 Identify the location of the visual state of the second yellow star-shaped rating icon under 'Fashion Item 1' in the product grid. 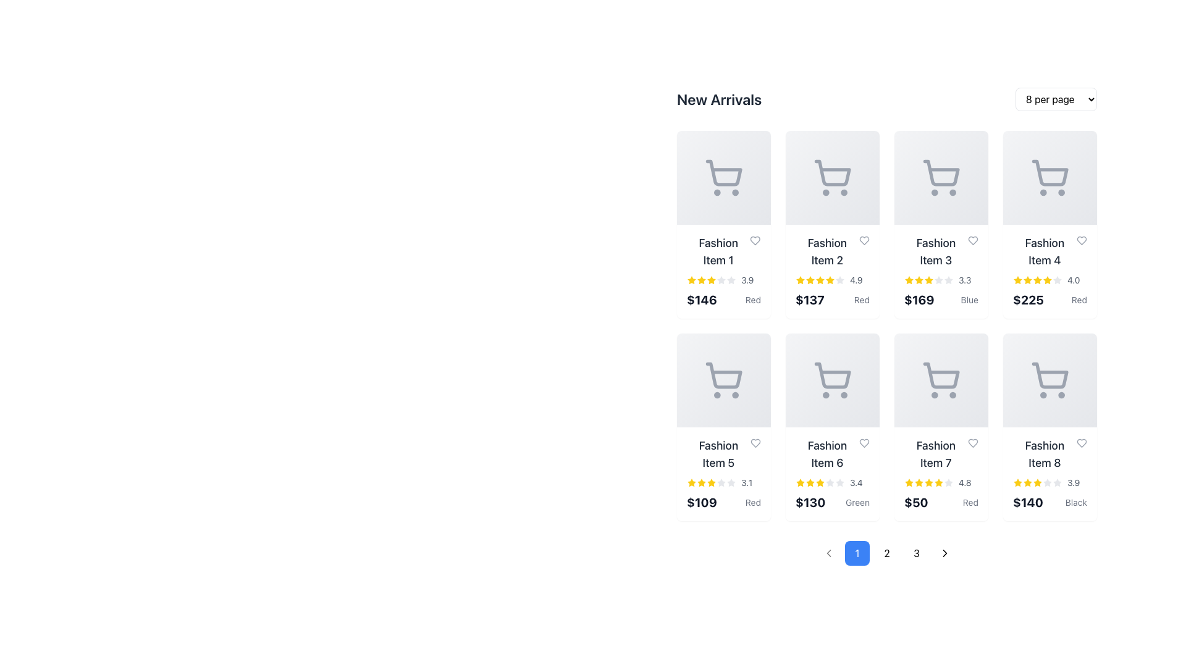
(702, 280).